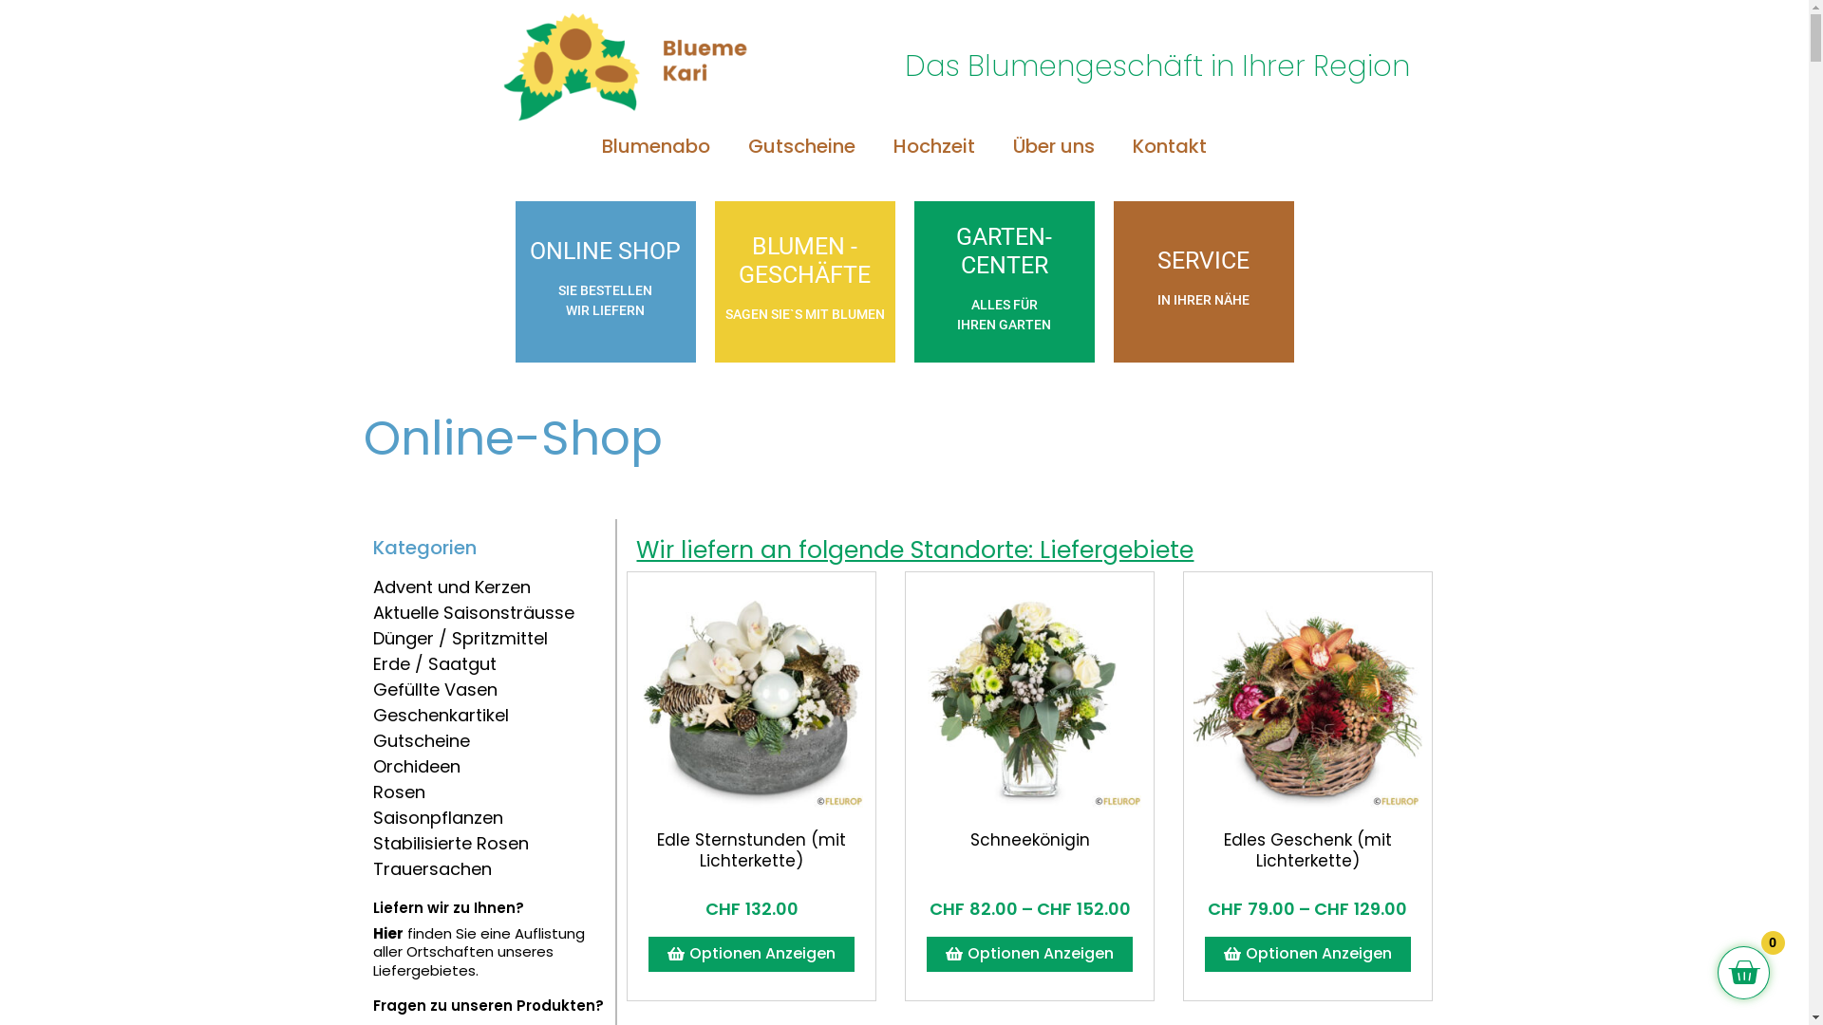  I want to click on 'Optionen Anzeigen', so click(750, 953).